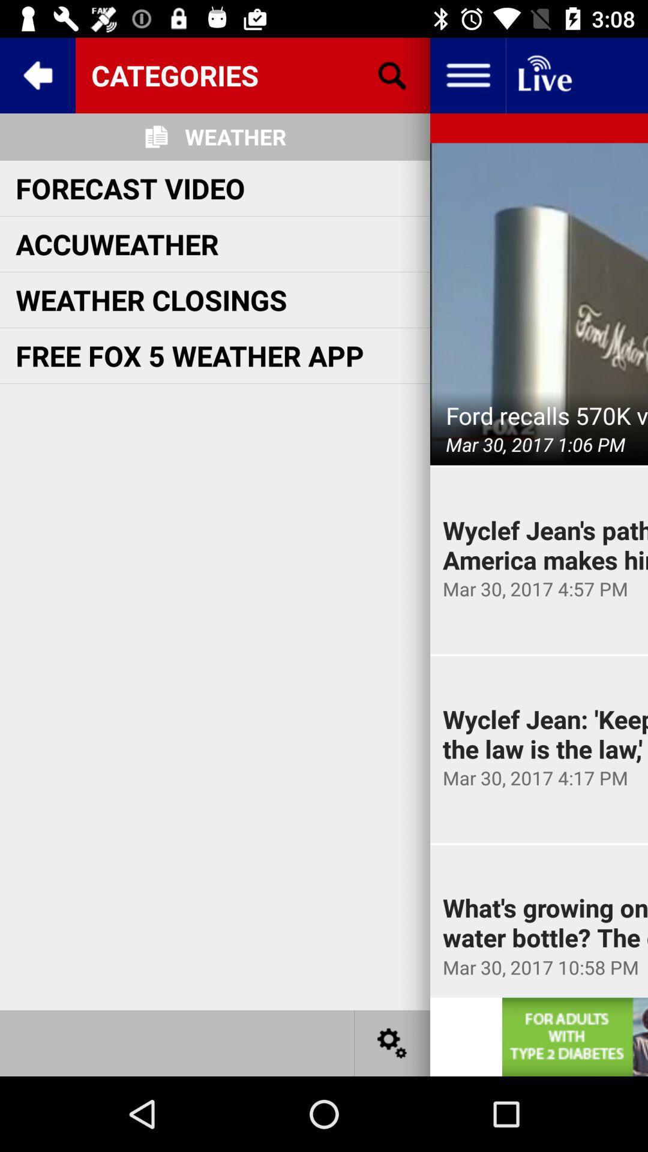 The width and height of the screenshot is (648, 1152). Describe the element at coordinates (37, 74) in the screenshot. I see `return` at that location.